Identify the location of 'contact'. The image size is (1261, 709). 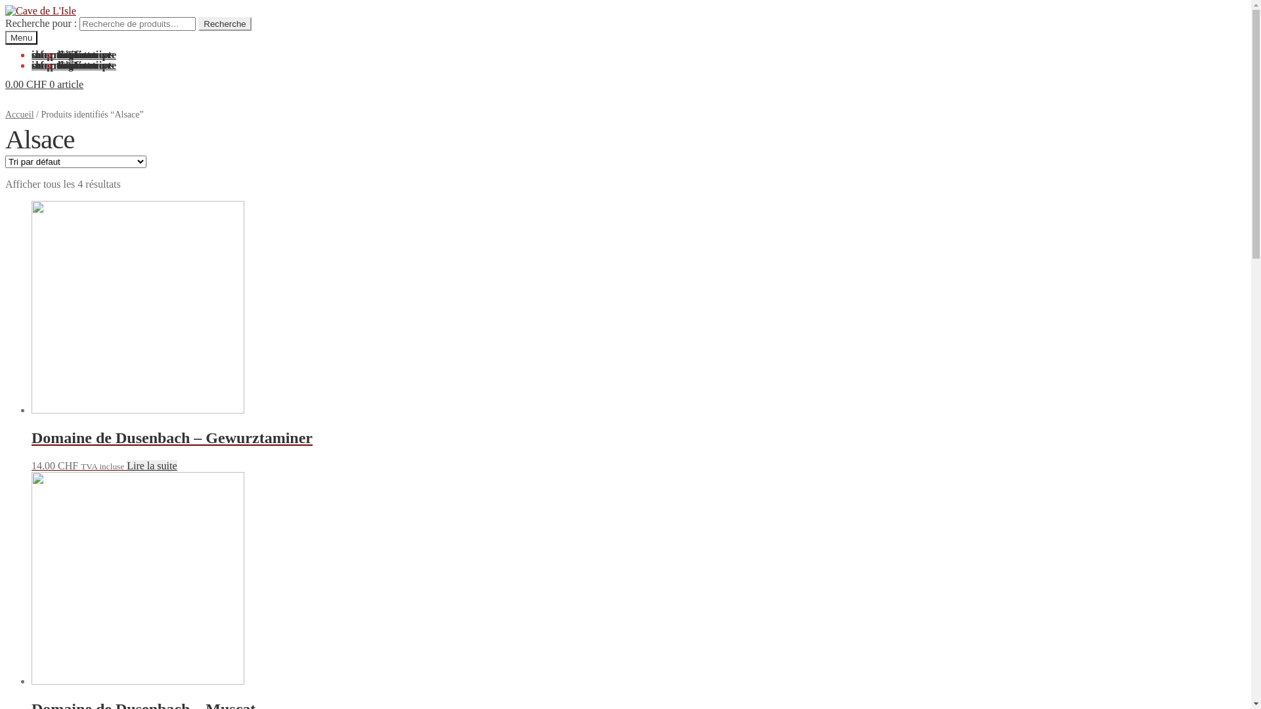
(74, 54).